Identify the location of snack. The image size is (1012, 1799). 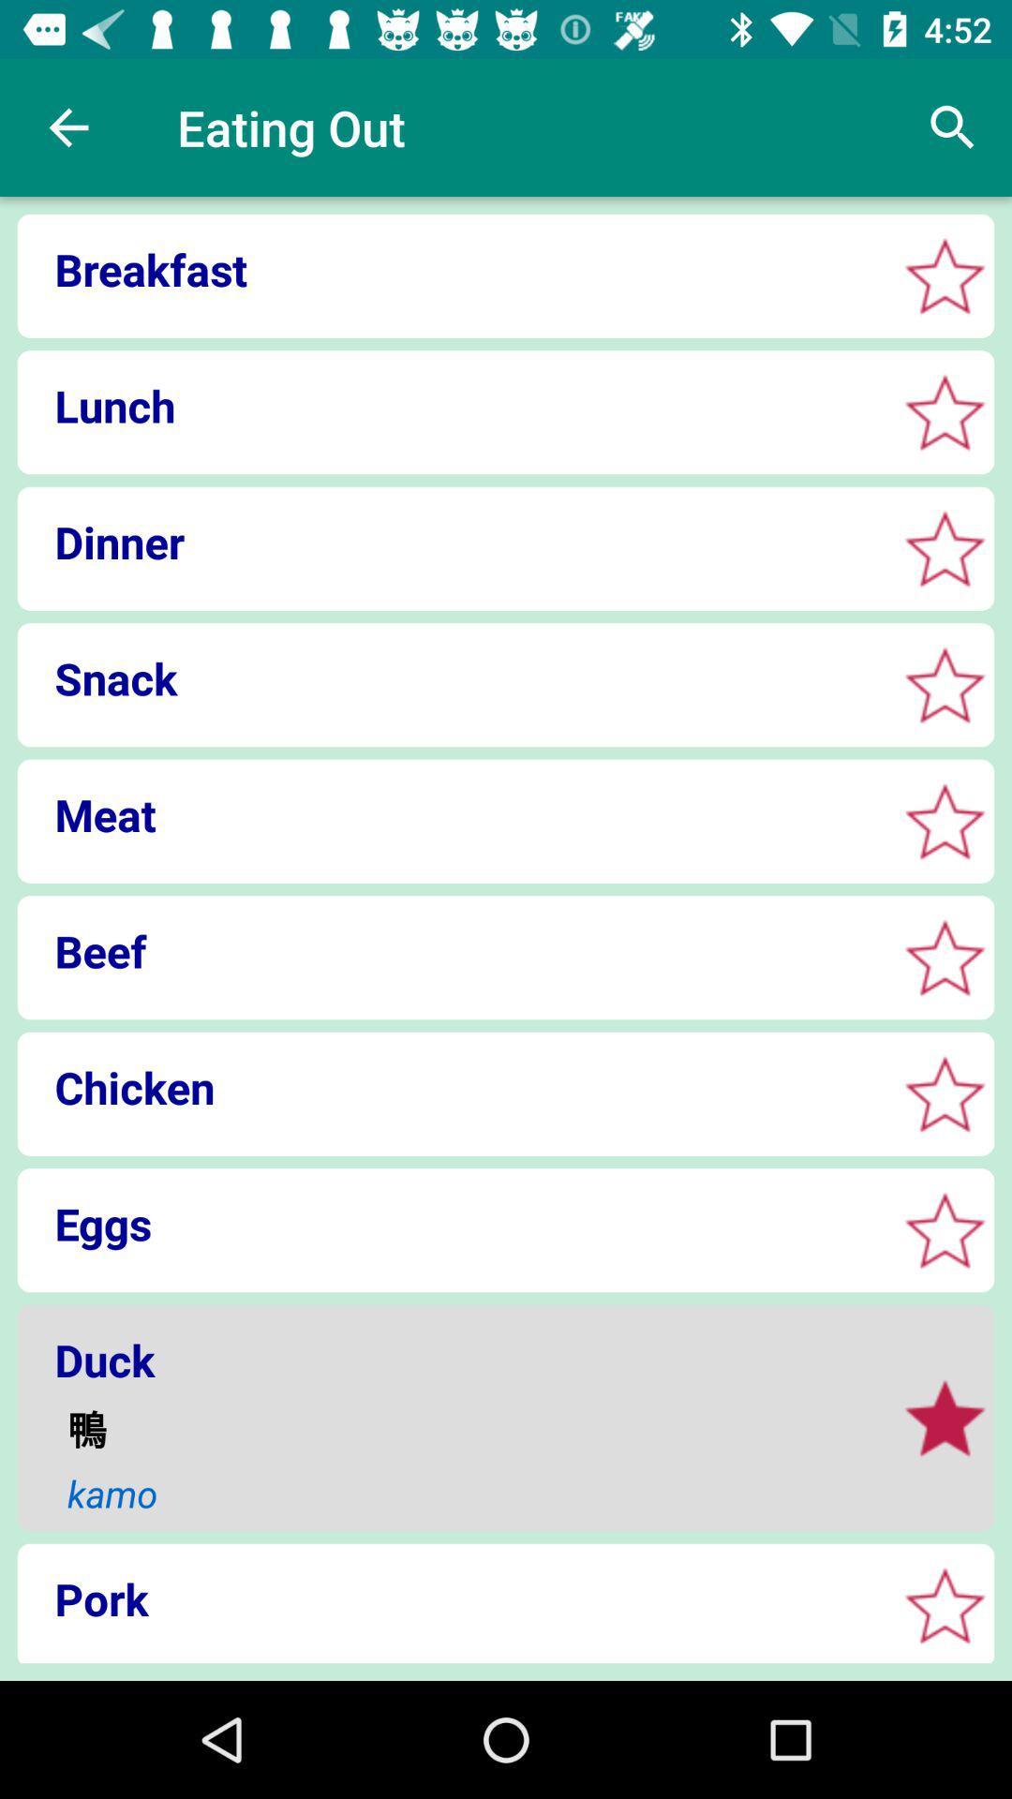
(451, 677).